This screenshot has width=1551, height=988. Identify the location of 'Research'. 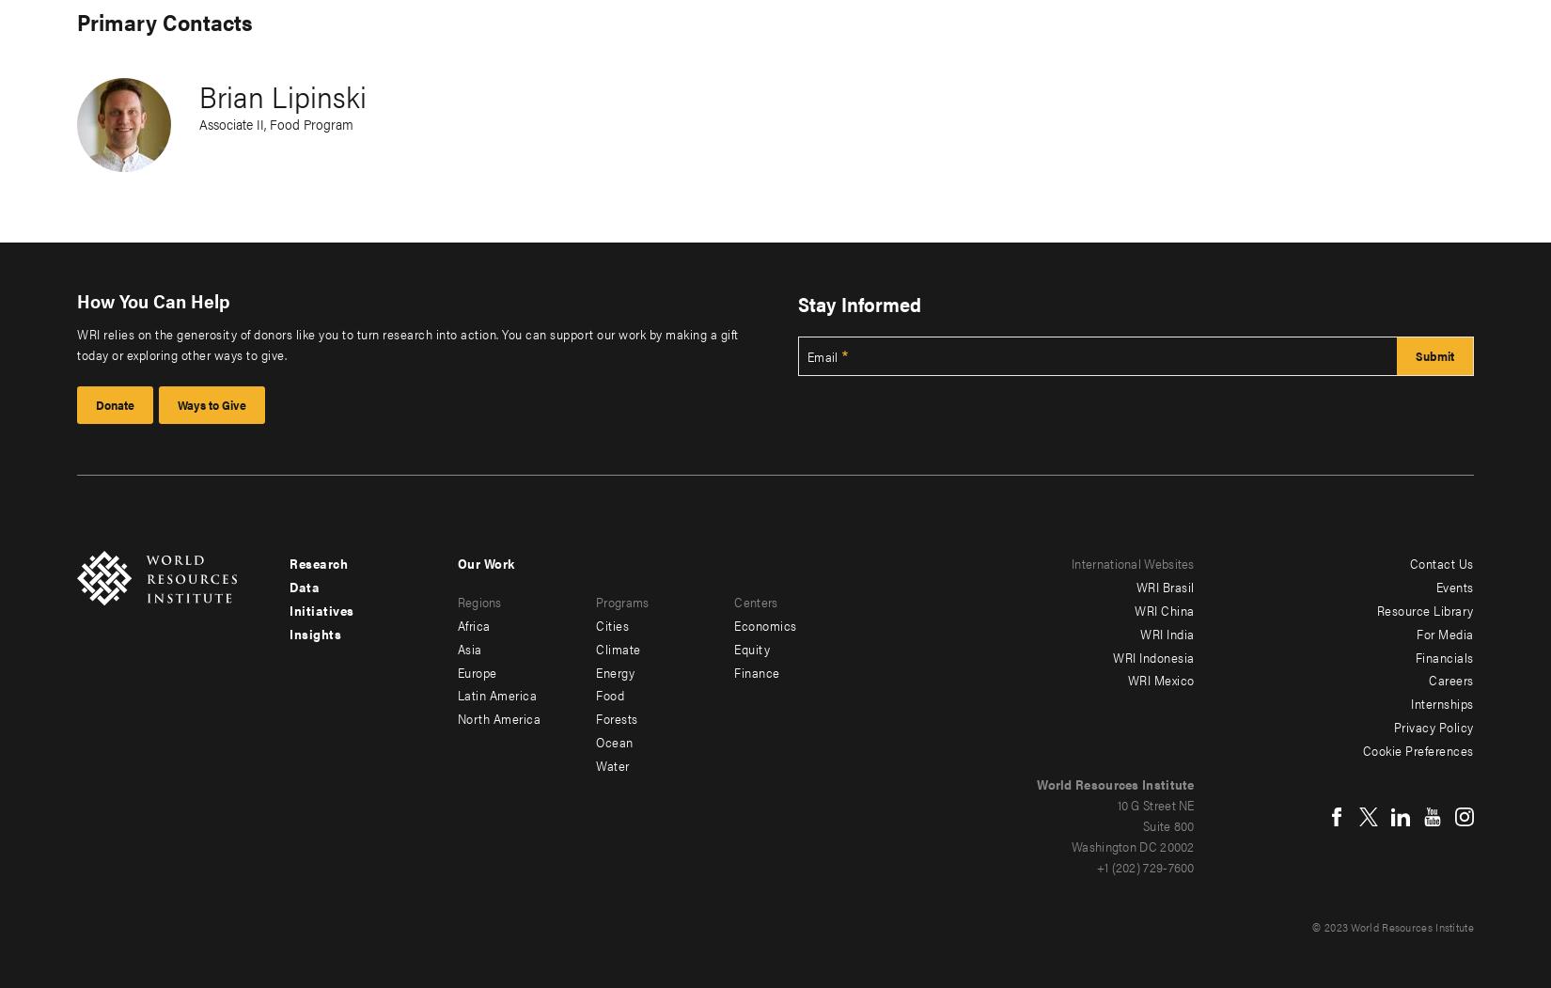
(319, 562).